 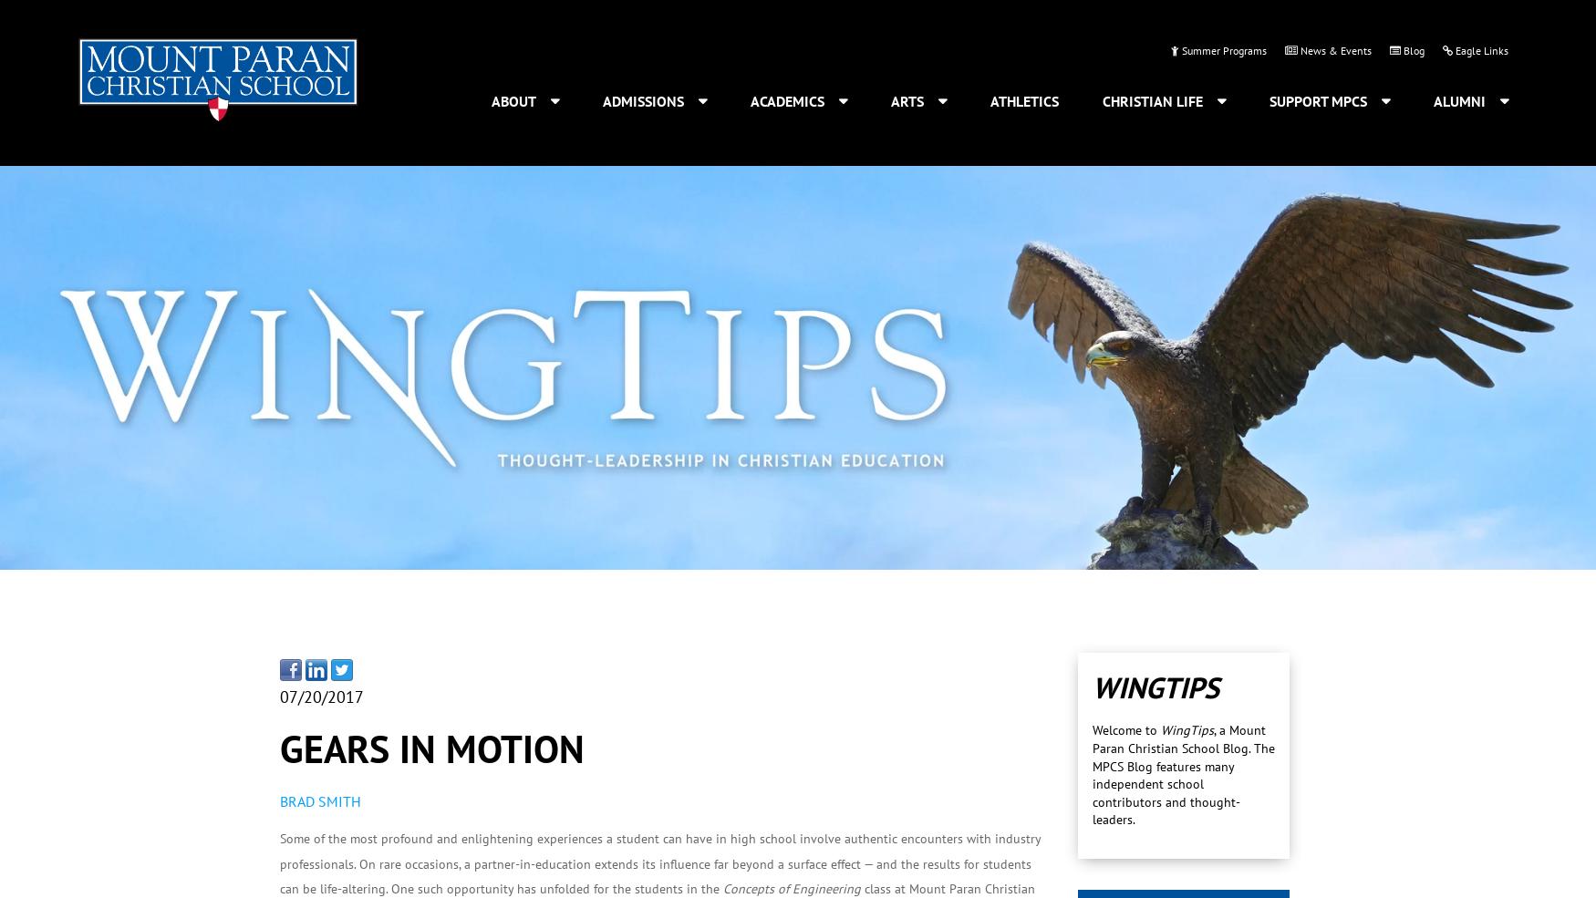 What do you see at coordinates (1480, 48) in the screenshot?
I see `'Eagle Links'` at bounding box center [1480, 48].